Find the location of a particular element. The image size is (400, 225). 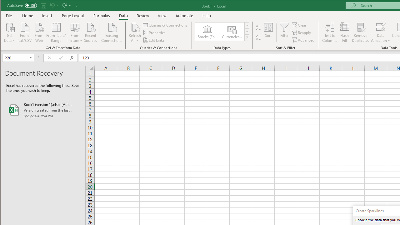

'Row up' is located at coordinates (246, 25).